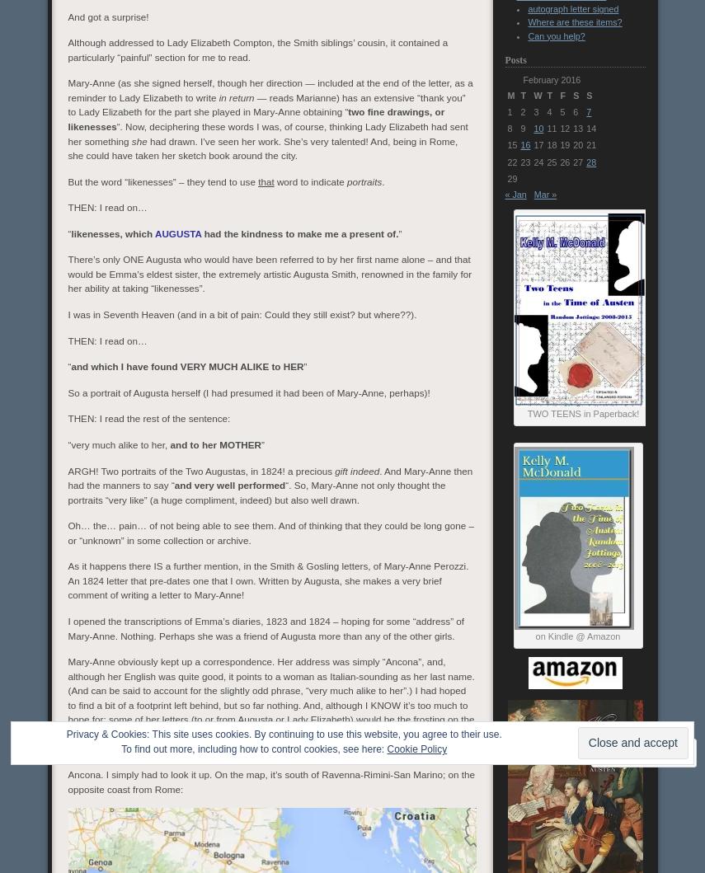 The width and height of the screenshot is (705, 873). Describe the element at coordinates (255, 490) in the screenshot. I see `'“. So, Mary-Anne not only thought the portraits “very like” (a huge compliment, indeed) but also well drawn.'` at that location.